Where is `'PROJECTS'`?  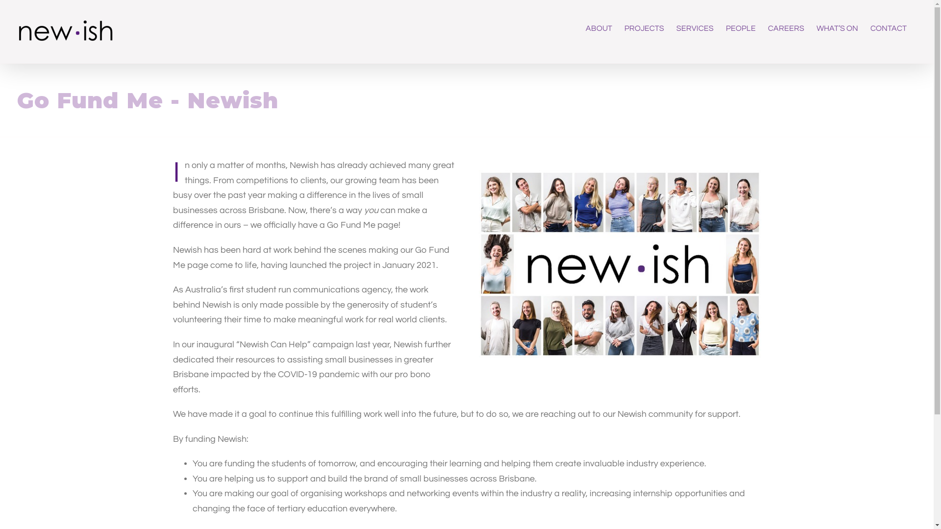 'PROJECTS' is located at coordinates (644, 27).